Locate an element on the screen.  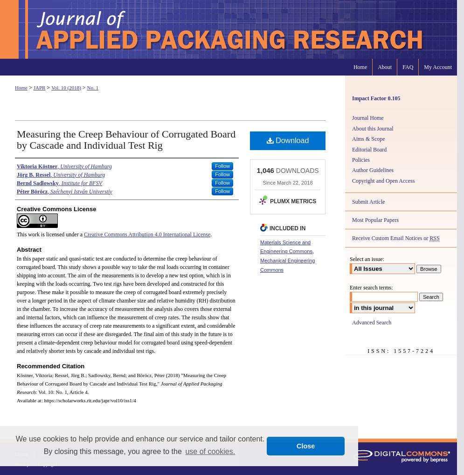
'DOWNLOADS' is located at coordinates (296, 170).